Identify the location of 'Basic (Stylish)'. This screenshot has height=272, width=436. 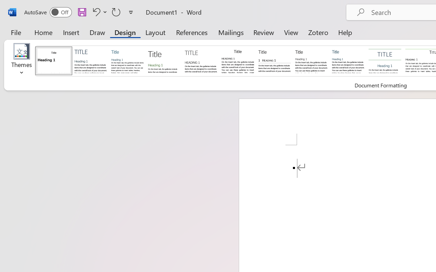
(164, 60).